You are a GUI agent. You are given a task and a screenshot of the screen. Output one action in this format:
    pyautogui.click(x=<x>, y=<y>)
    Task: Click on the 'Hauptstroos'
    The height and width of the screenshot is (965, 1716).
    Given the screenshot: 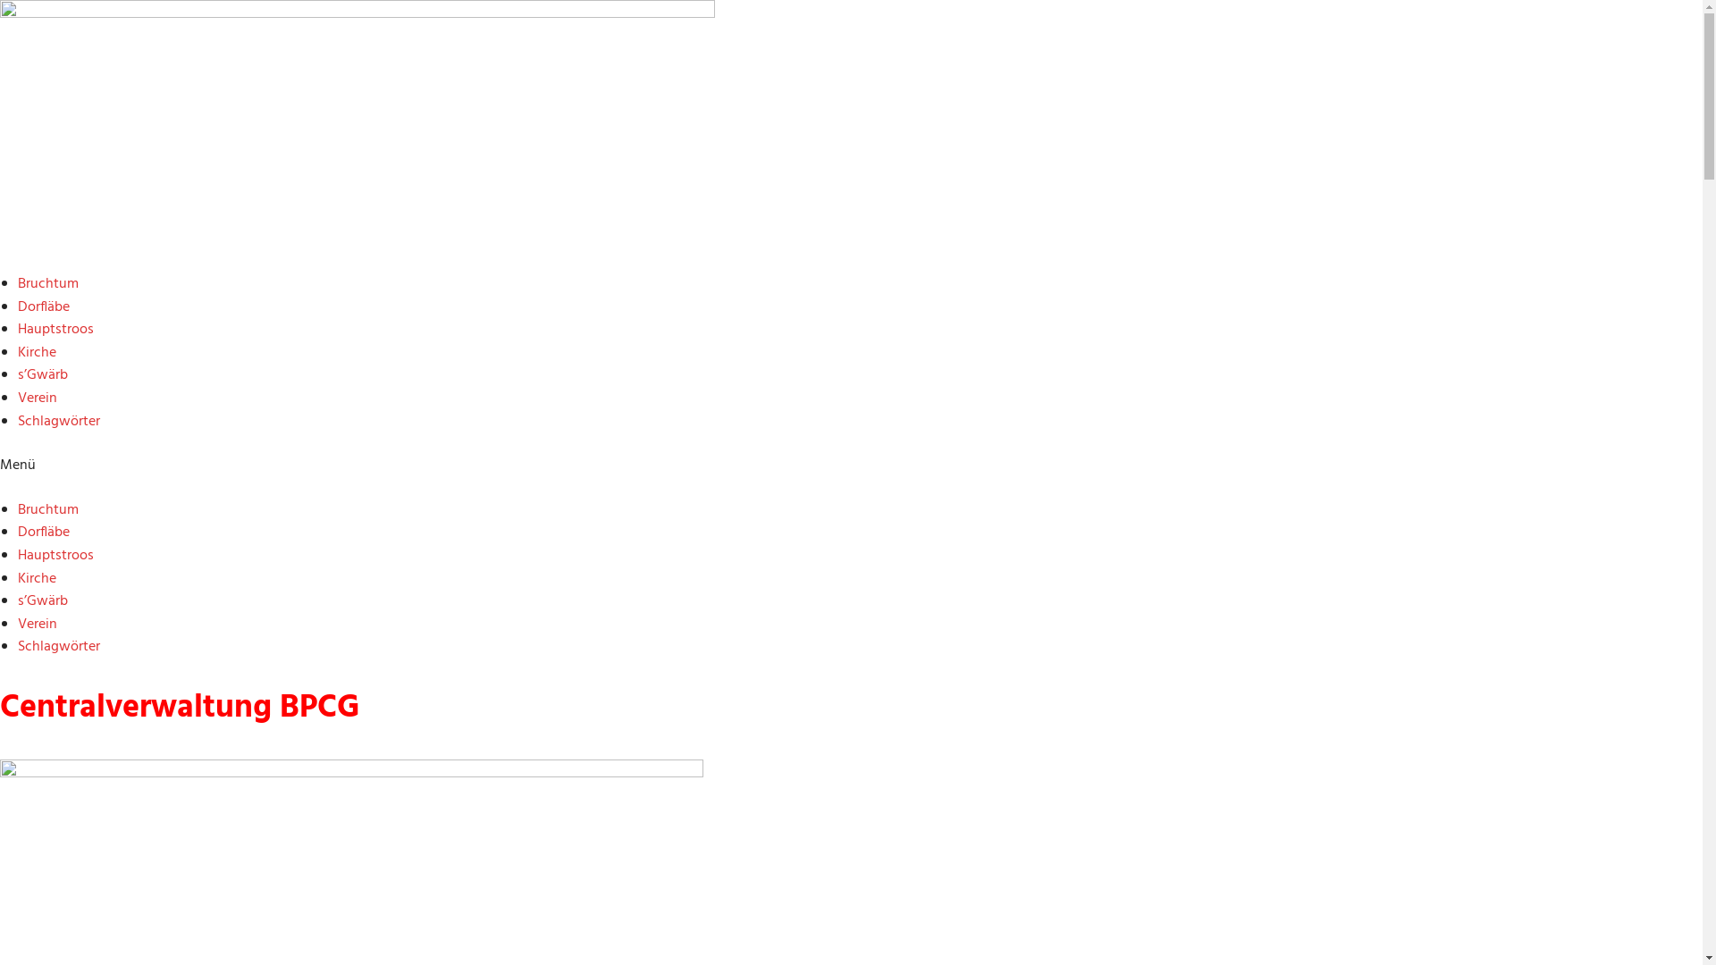 What is the action you would take?
    pyautogui.click(x=17, y=554)
    